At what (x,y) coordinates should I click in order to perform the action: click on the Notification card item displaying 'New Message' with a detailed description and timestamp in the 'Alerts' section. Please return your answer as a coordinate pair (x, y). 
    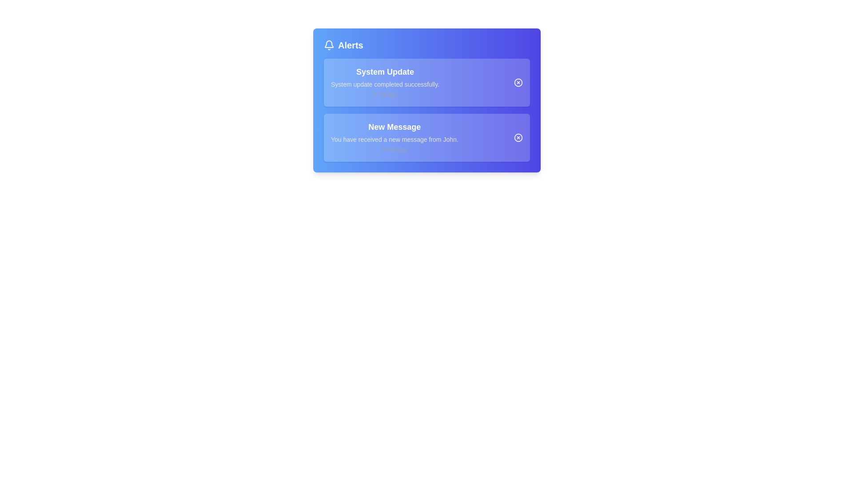
    Looking at the image, I should click on (394, 137).